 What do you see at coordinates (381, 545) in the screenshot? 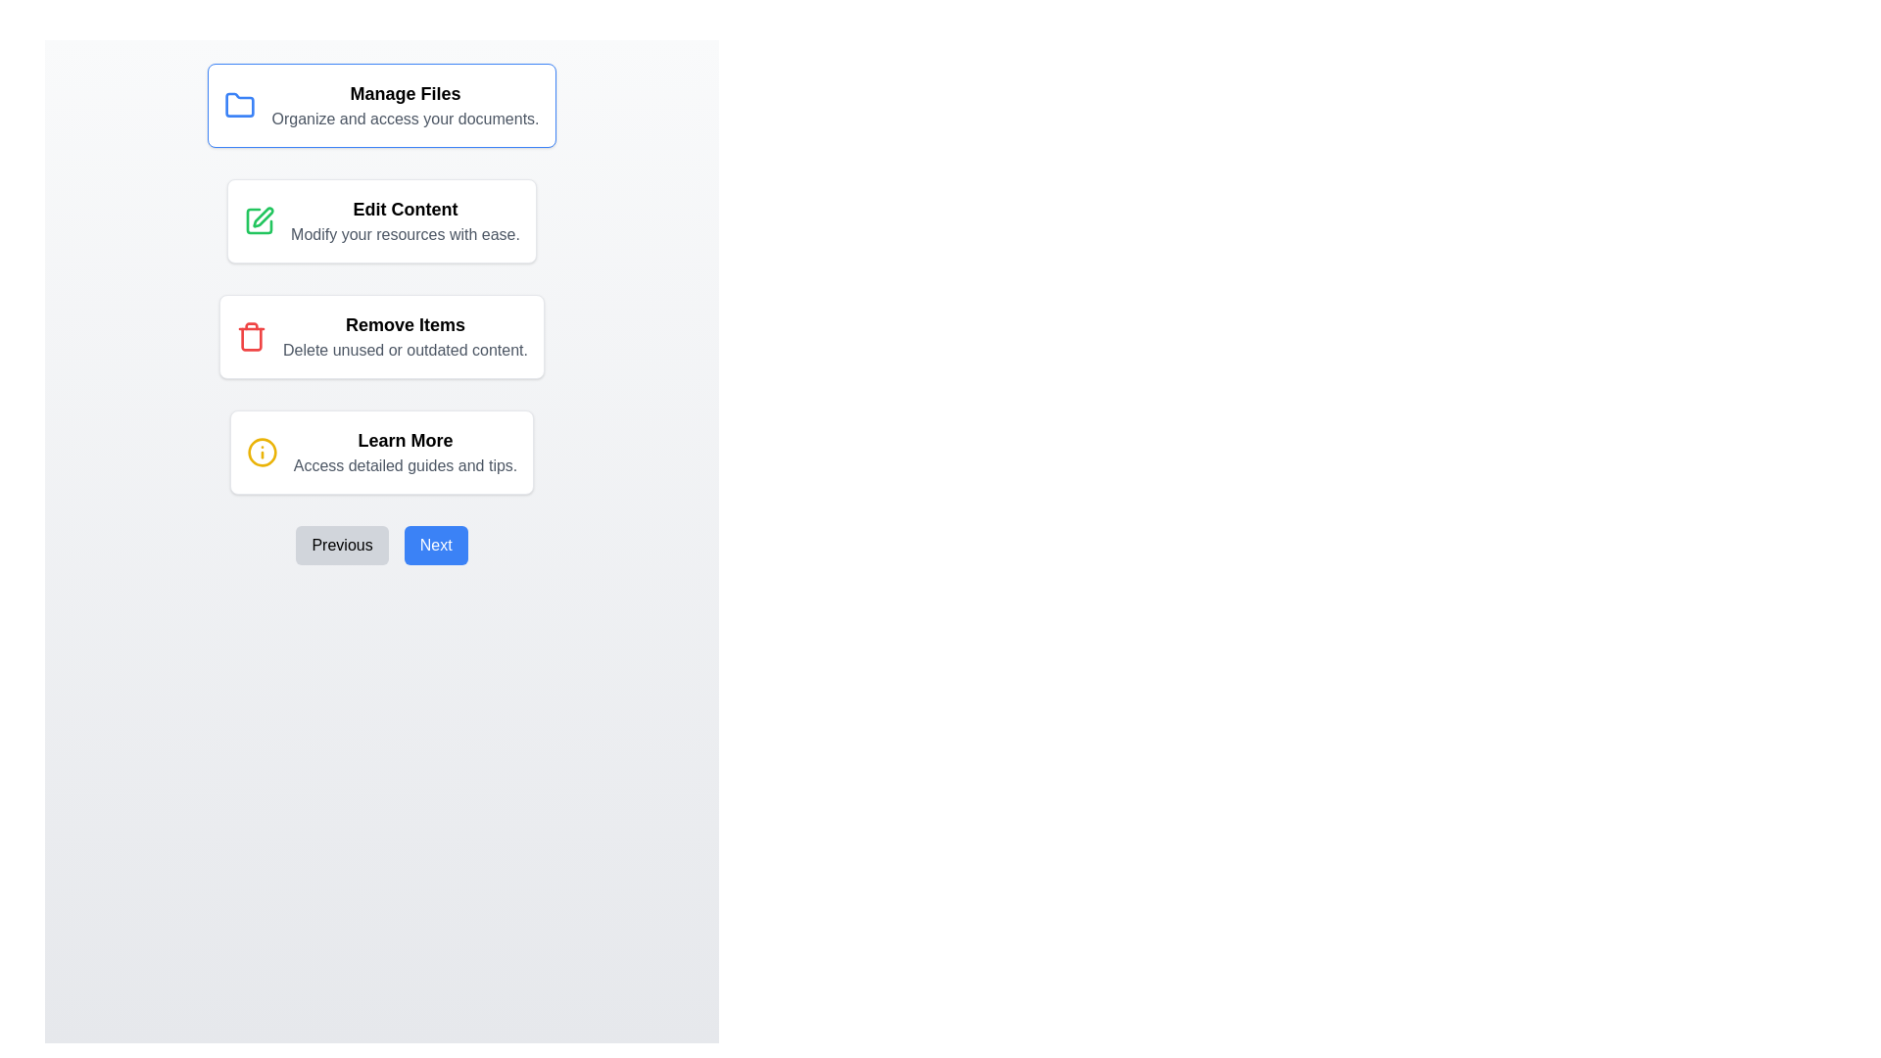
I see `the Button Group located at the bottom center of the layout to trigger state changes` at bounding box center [381, 545].